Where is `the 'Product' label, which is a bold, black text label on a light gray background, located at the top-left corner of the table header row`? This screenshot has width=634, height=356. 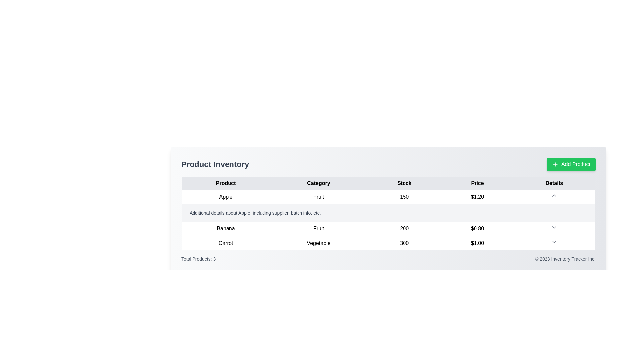 the 'Product' label, which is a bold, black text label on a light gray background, located at the top-left corner of the table header row is located at coordinates (226, 183).